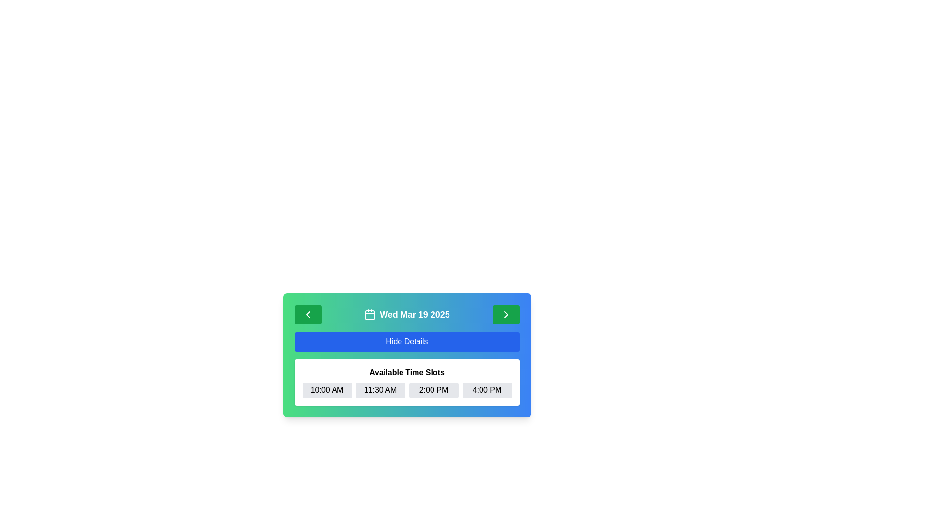 The width and height of the screenshot is (931, 523). I want to click on the button located below the header displaying 'Wed Mar 19 2025' and above the section labeled 'Available Time Slots', so click(407, 341).